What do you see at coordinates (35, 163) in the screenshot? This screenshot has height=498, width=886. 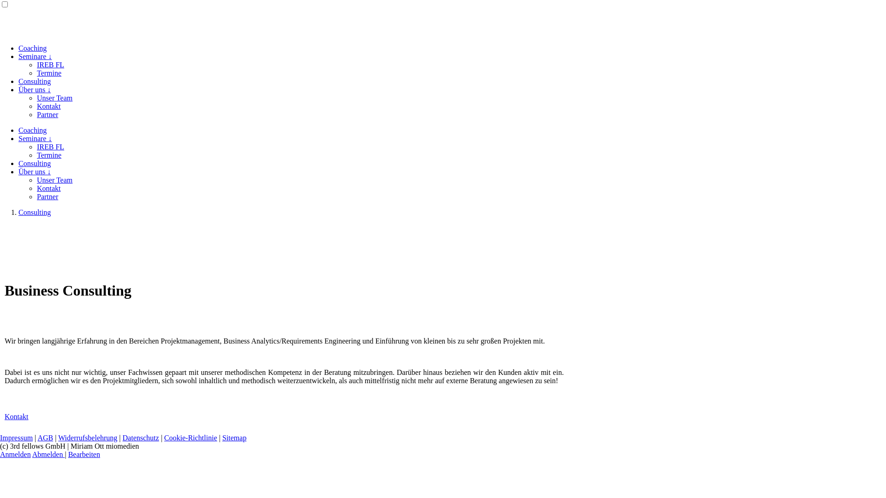 I see `'Consulting'` at bounding box center [35, 163].